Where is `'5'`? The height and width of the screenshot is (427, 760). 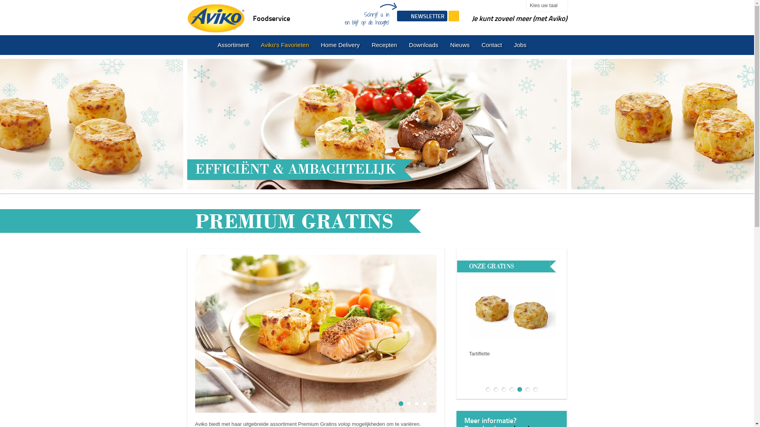
'5' is located at coordinates (520, 389).